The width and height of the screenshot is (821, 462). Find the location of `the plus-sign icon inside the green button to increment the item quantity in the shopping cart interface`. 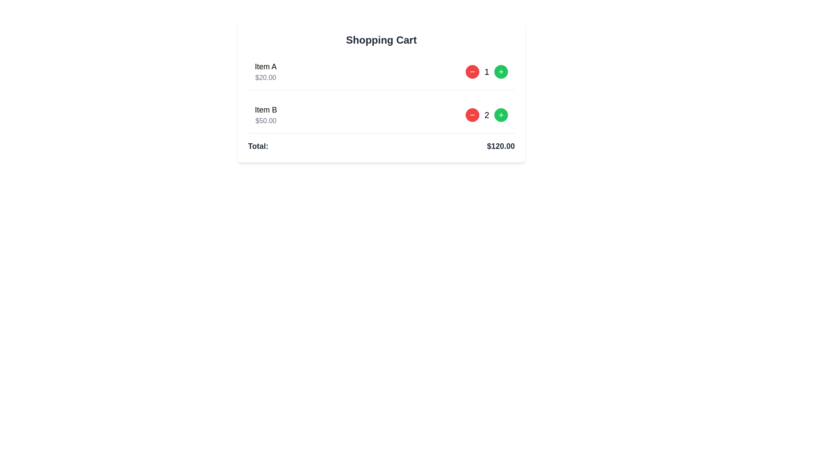

the plus-sign icon inside the green button to increment the item quantity in the shopping cart interface is located at coordinates (501, 115).